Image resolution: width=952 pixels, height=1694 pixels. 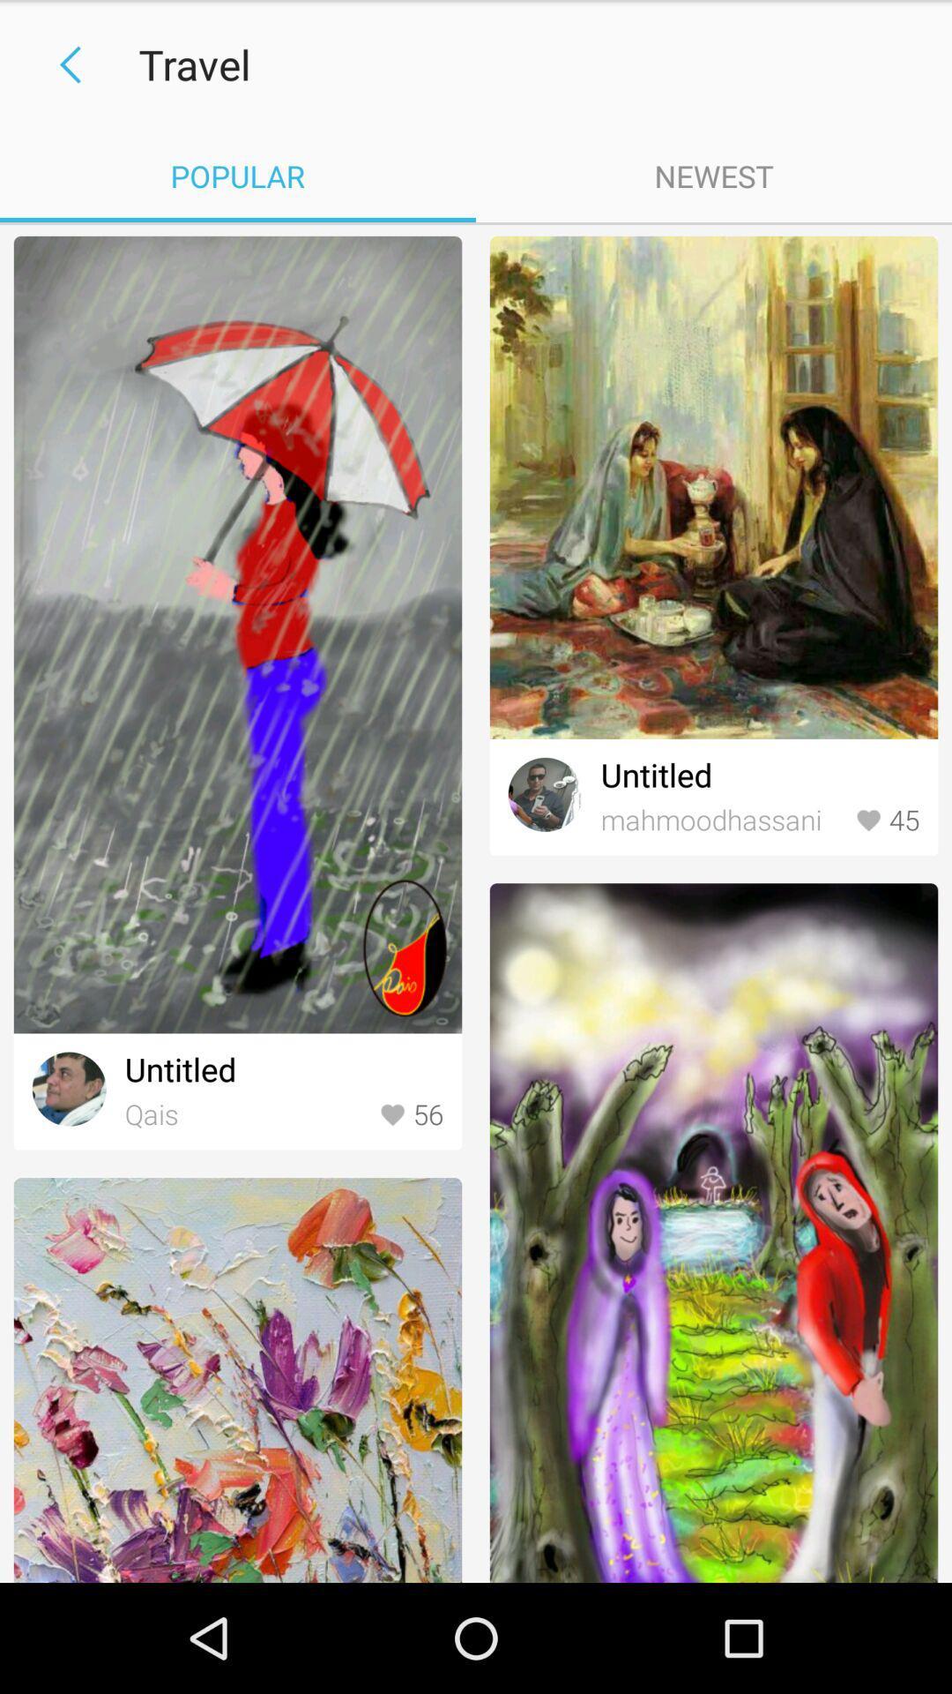 I want to click on the 45, so click(x=887, y=820).